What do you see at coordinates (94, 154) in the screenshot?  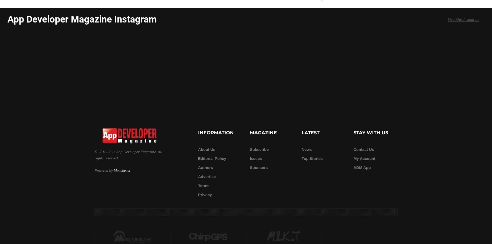 I see `'© 2013-2023 App Developer Magazine. All rights reserved.'` at bounding box center [94, 154].